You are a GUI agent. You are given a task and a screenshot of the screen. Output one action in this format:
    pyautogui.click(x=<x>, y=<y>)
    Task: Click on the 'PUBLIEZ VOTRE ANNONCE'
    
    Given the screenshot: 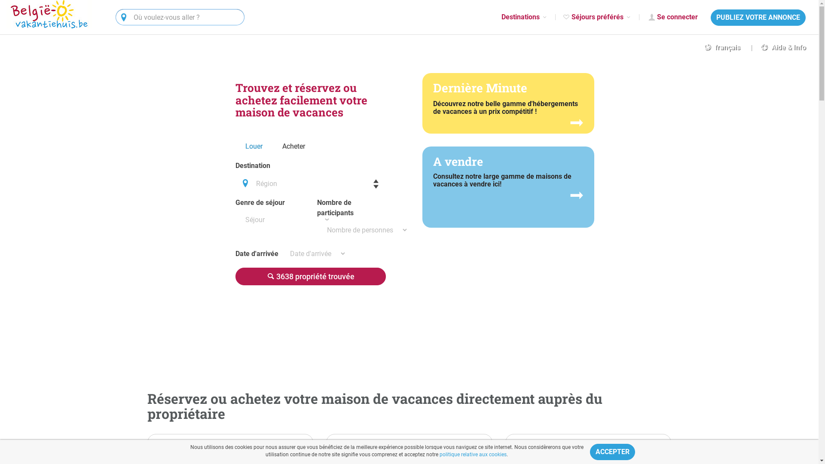 What is the action you would take?
    pyautogui.click(x=758, y=18)
    